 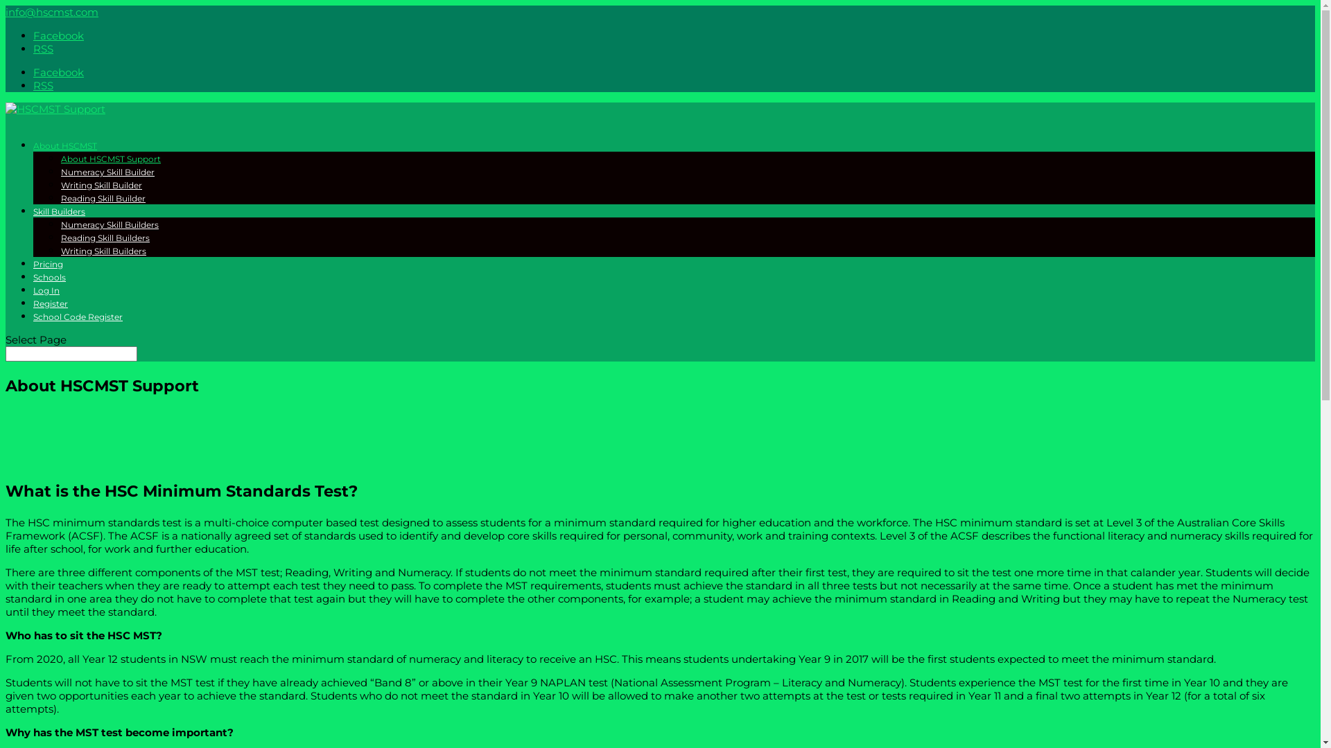 What do you see at coordinates (33, 283) in the screenshot?
I see `'Schools'` at bounding box center [33, 283].